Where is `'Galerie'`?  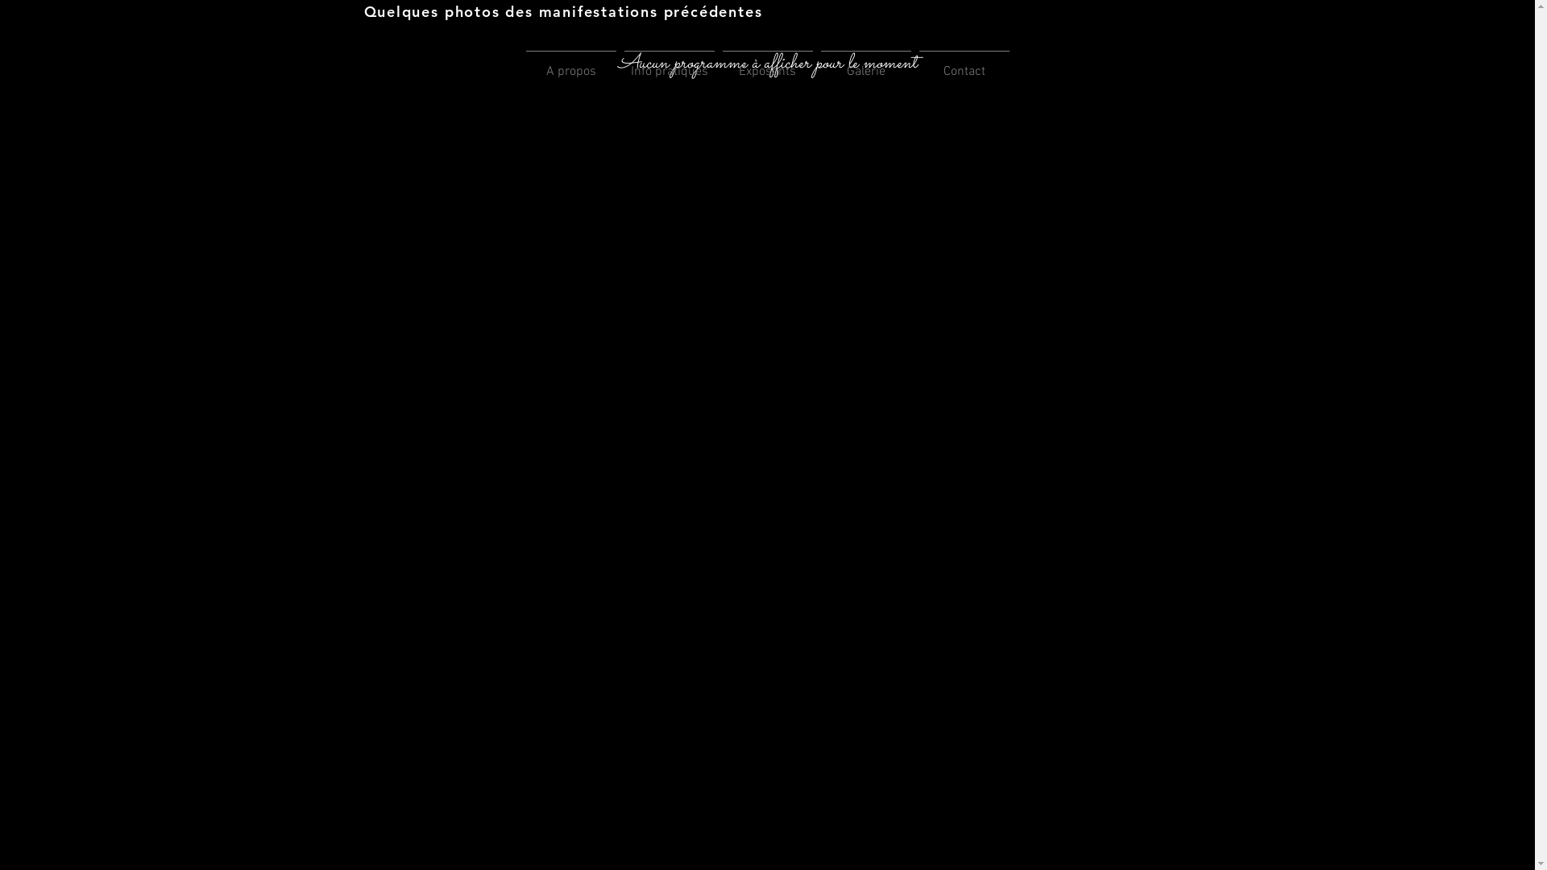
'Galerie' is located at coordinates (865, 64).